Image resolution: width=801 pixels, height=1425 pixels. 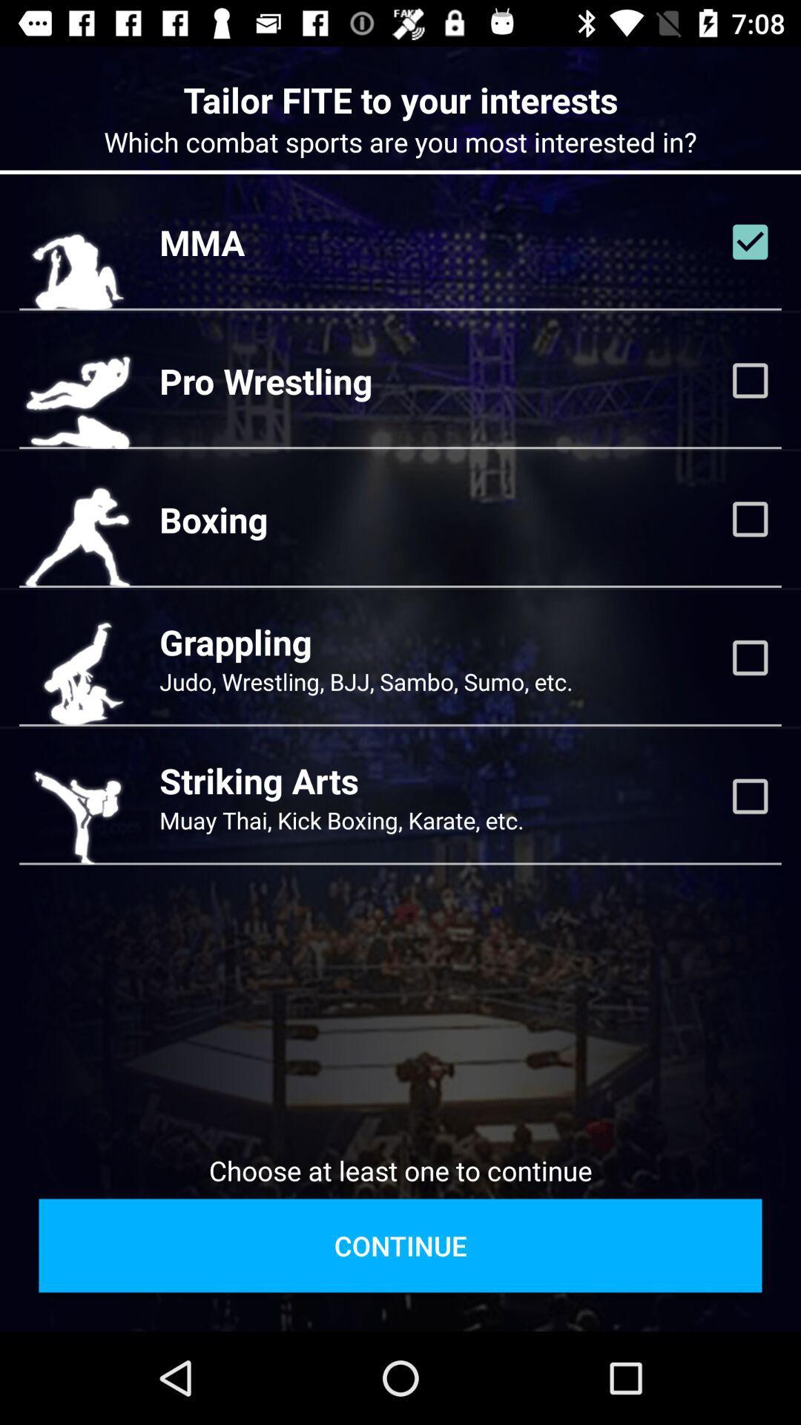 What do you see at coordinates (750, 381) in the screenshot?
I see `checkbox to select pro wrestling` at bounding box center [750, 381].